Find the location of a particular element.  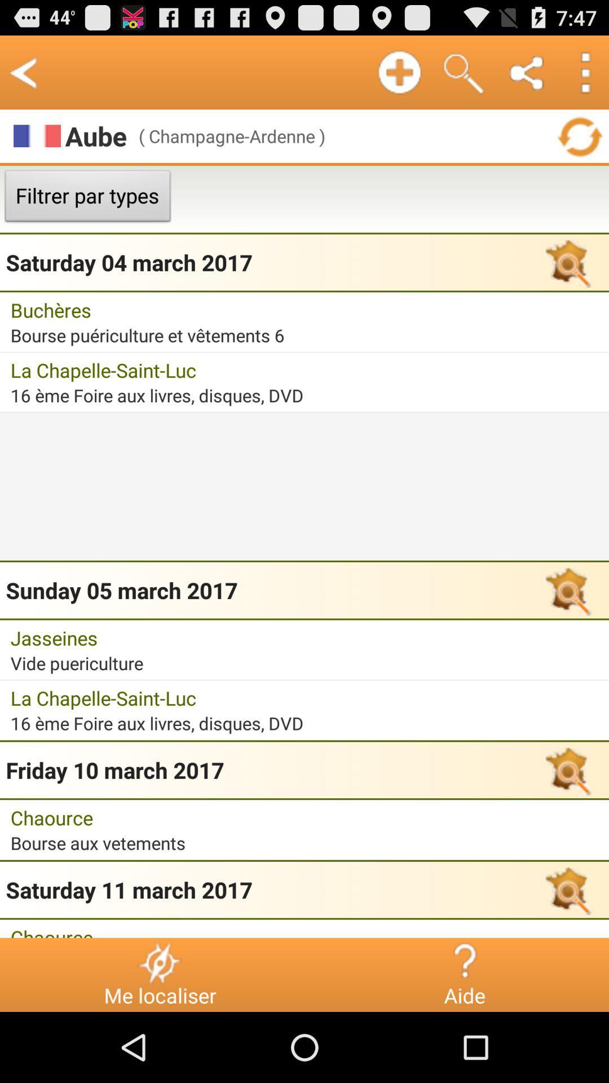

the icon to the right of me localiser icon is located at coordinates (464, 962).